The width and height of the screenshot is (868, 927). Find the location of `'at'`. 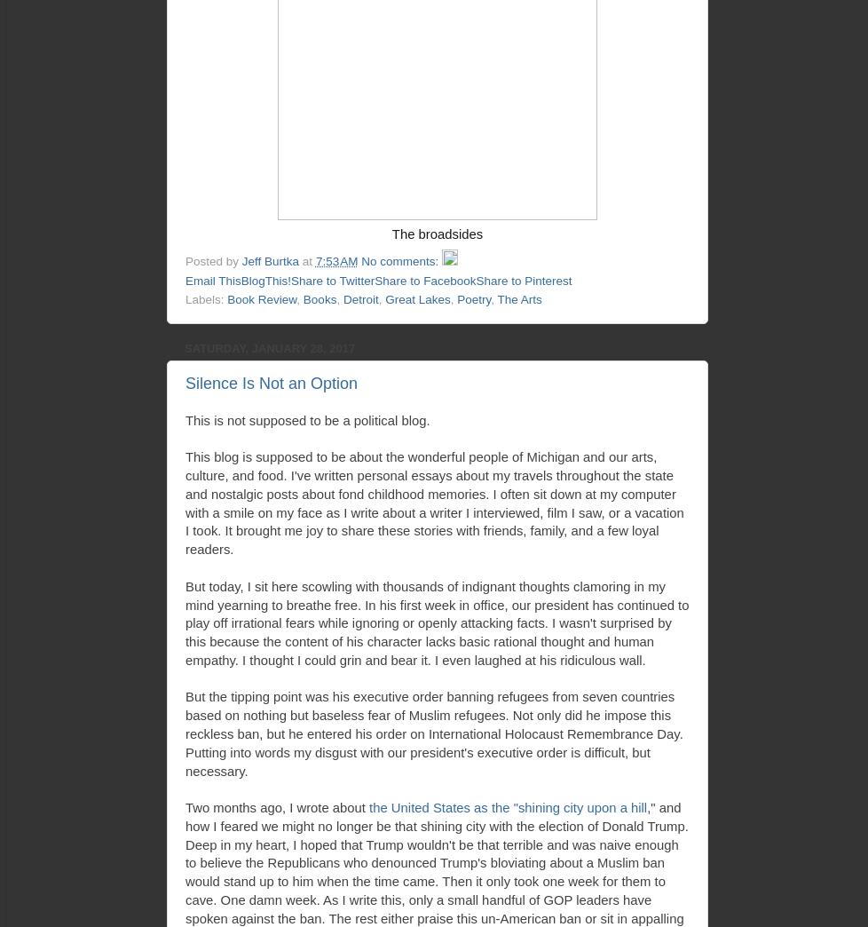

'at' is located at coordinates (307, 260).